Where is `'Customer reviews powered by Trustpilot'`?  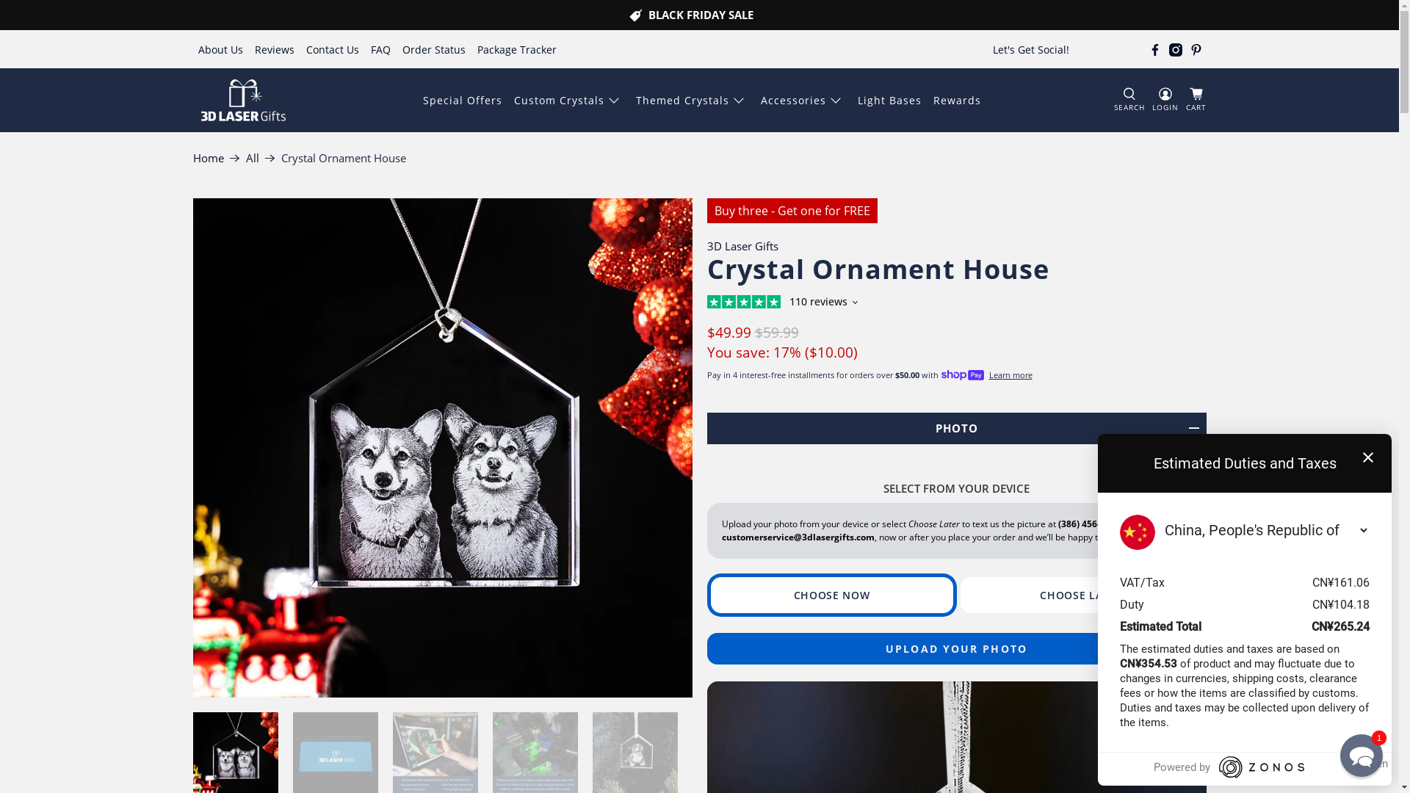 'Customer reviews powered by Trustpilot' is located at coordinates (706, 303).